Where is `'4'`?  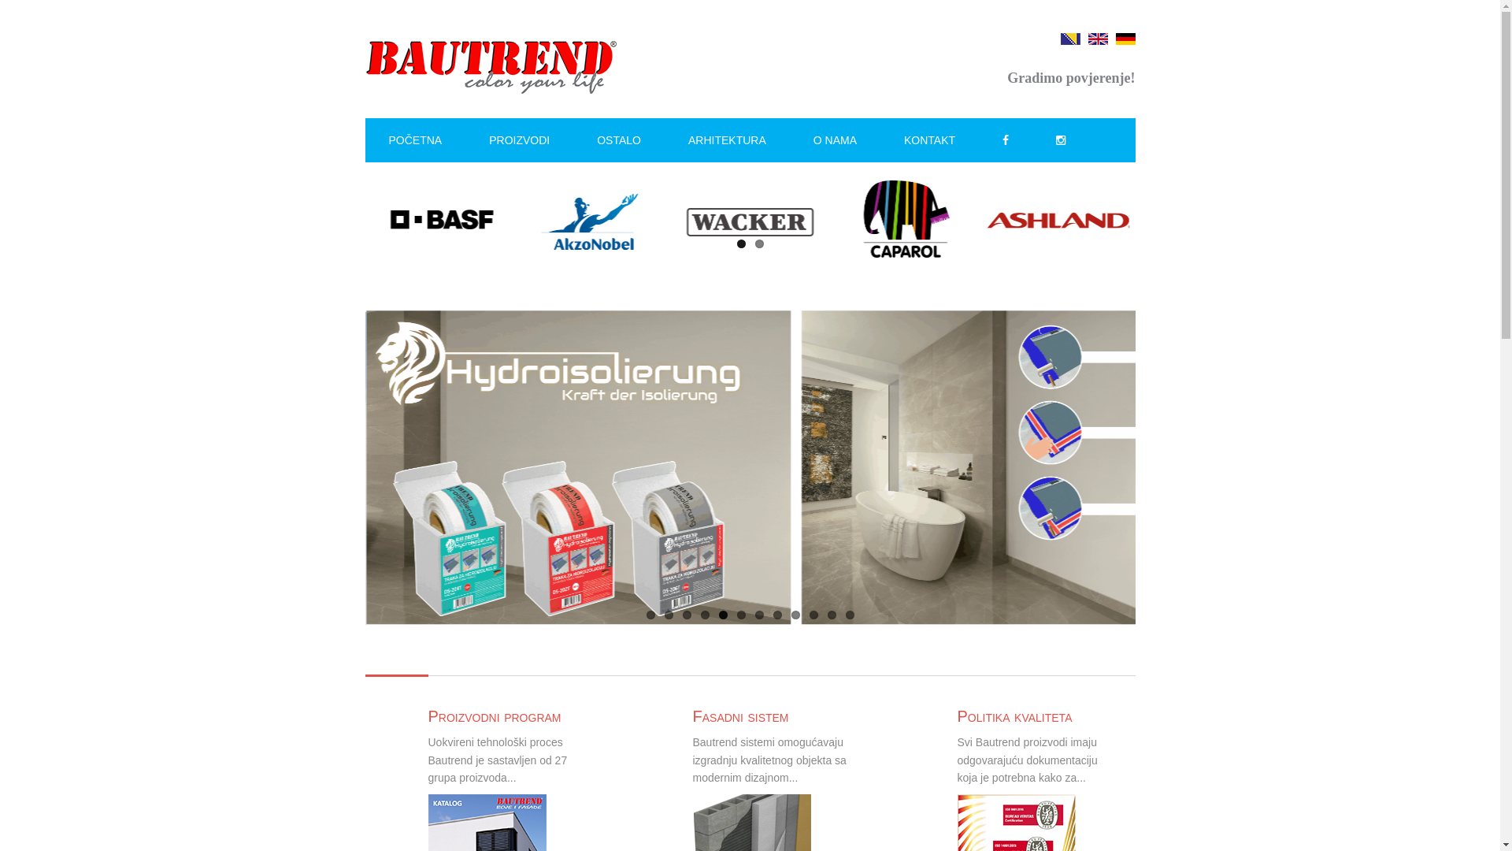
'4' is located at coordinates (704, 614).